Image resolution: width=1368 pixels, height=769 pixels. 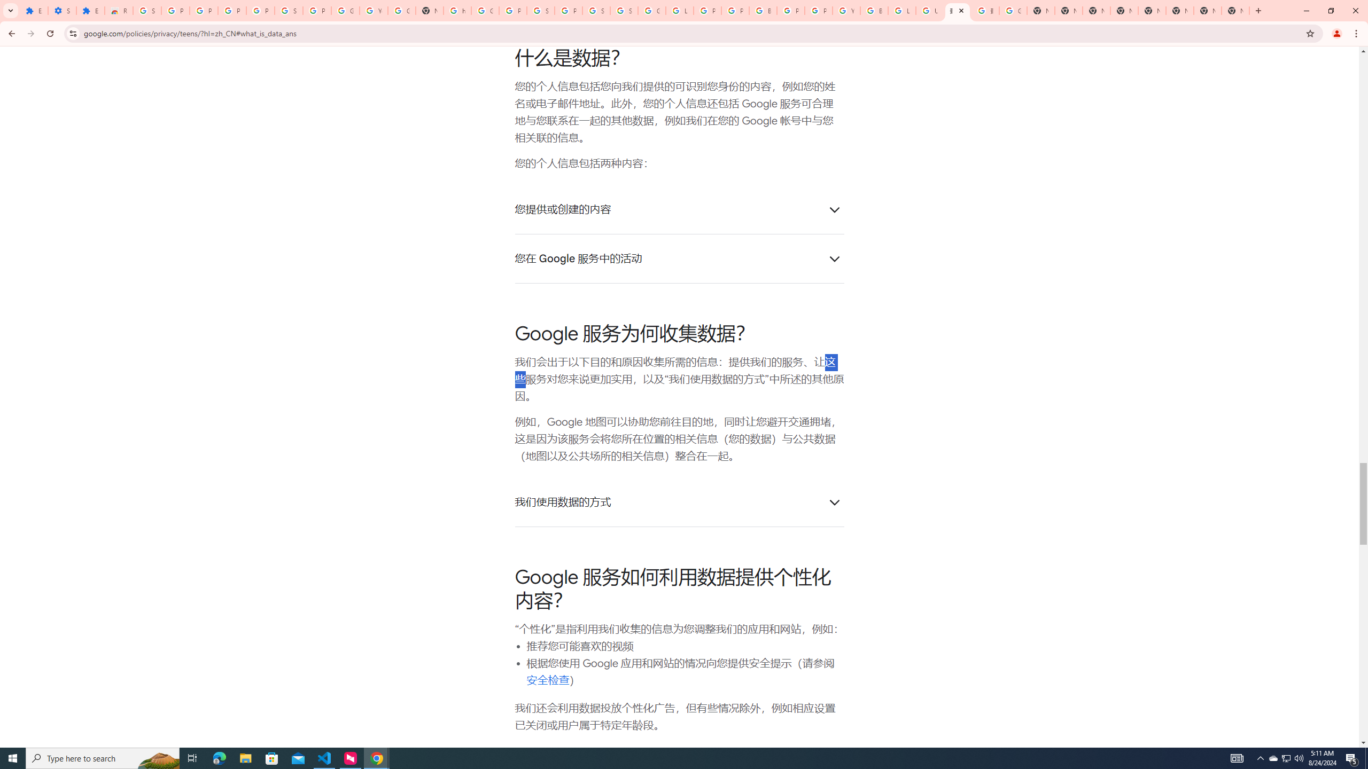 What do you see at coordinates (596, 10) in the screenshot?
I see `'Sign in - Google Accounts'` at bounding box center [596, 10].